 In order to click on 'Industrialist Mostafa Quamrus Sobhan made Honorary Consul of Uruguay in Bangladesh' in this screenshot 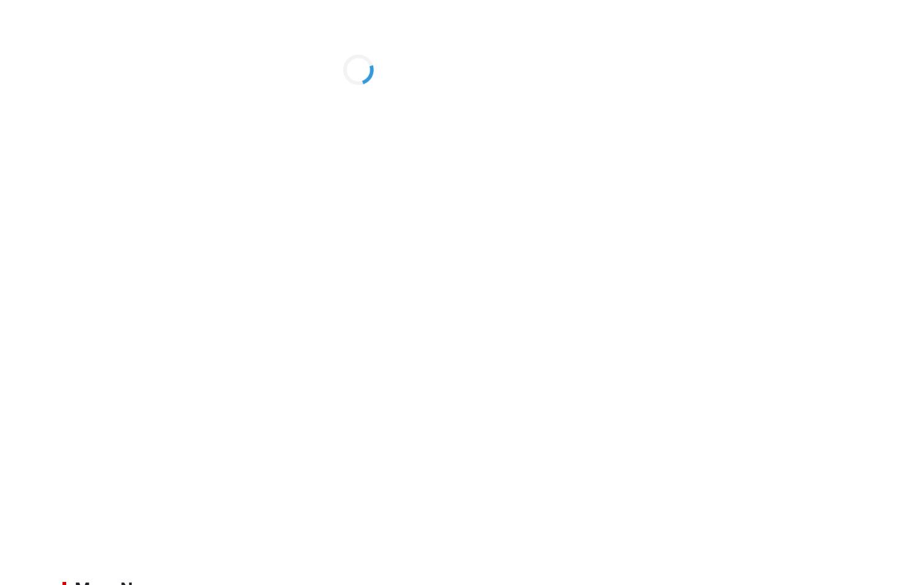, I will do `click(773, 390)`.